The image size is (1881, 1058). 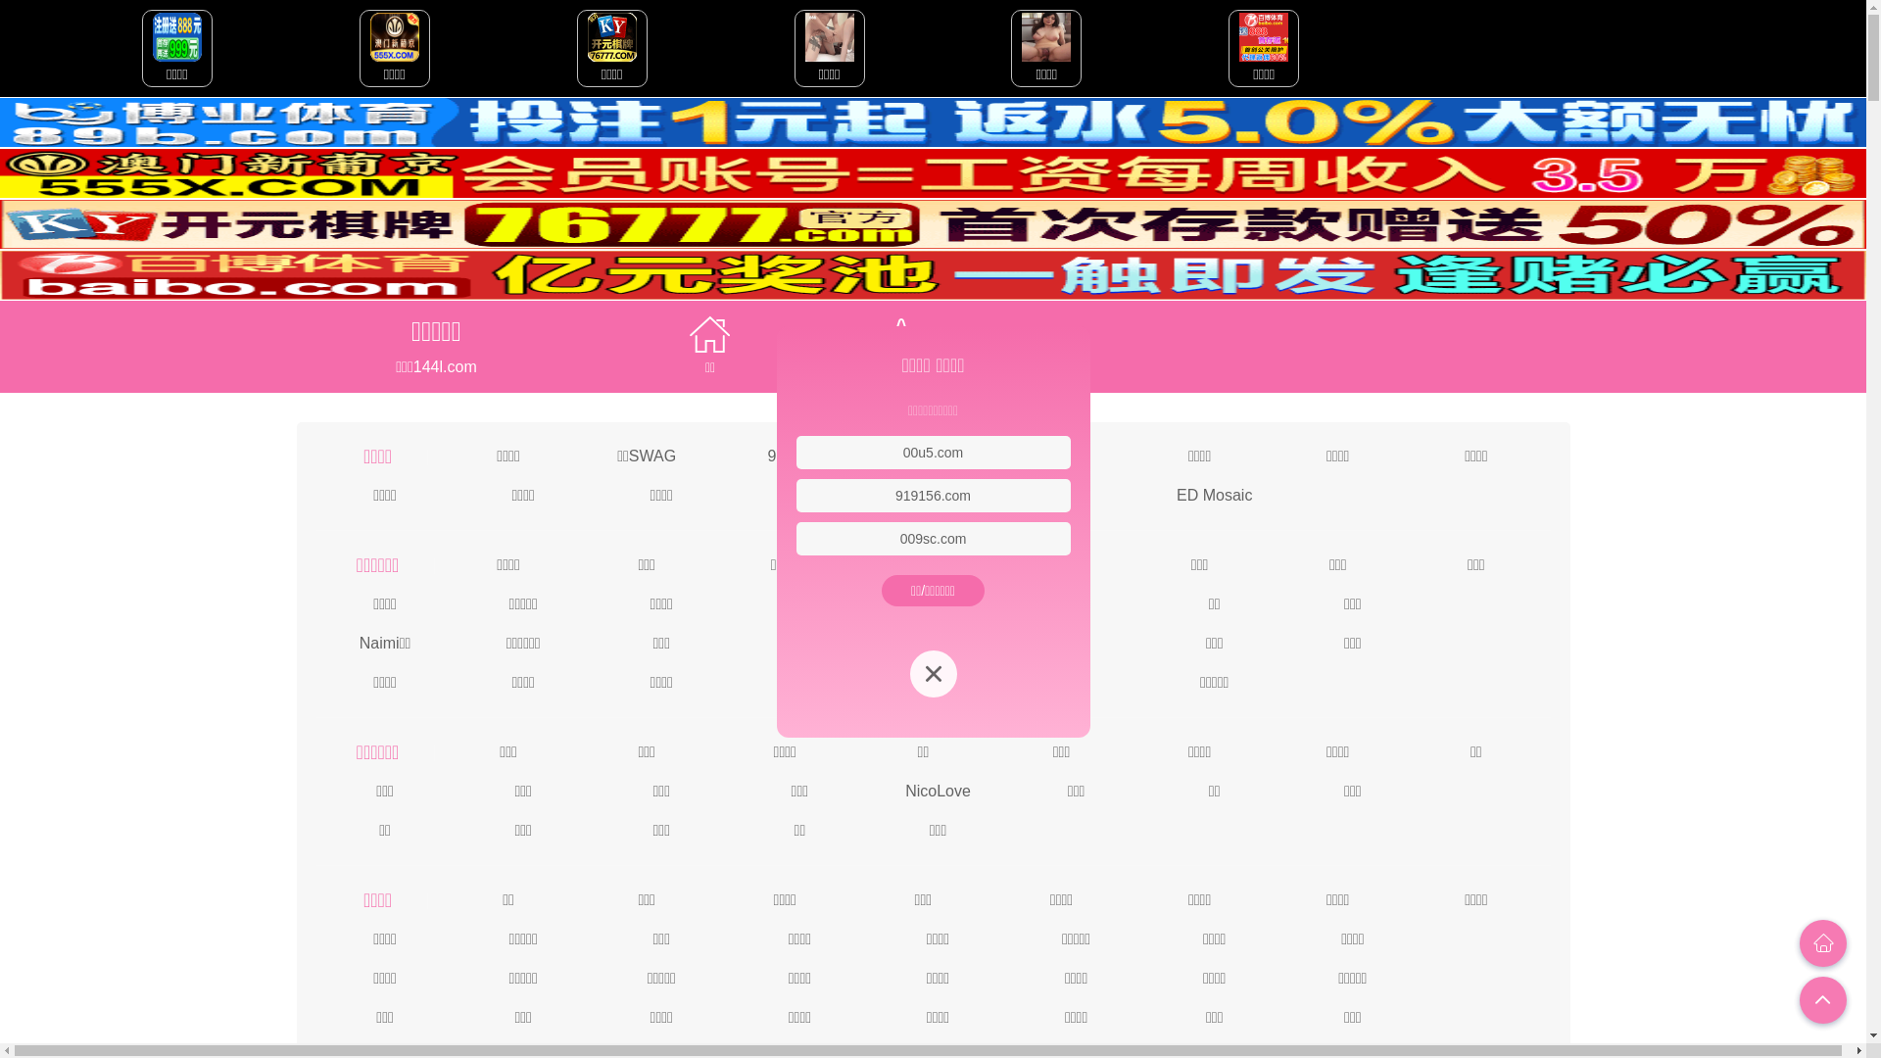 I want to click on 'ED Mosaic', so click(x=1213, y=493).